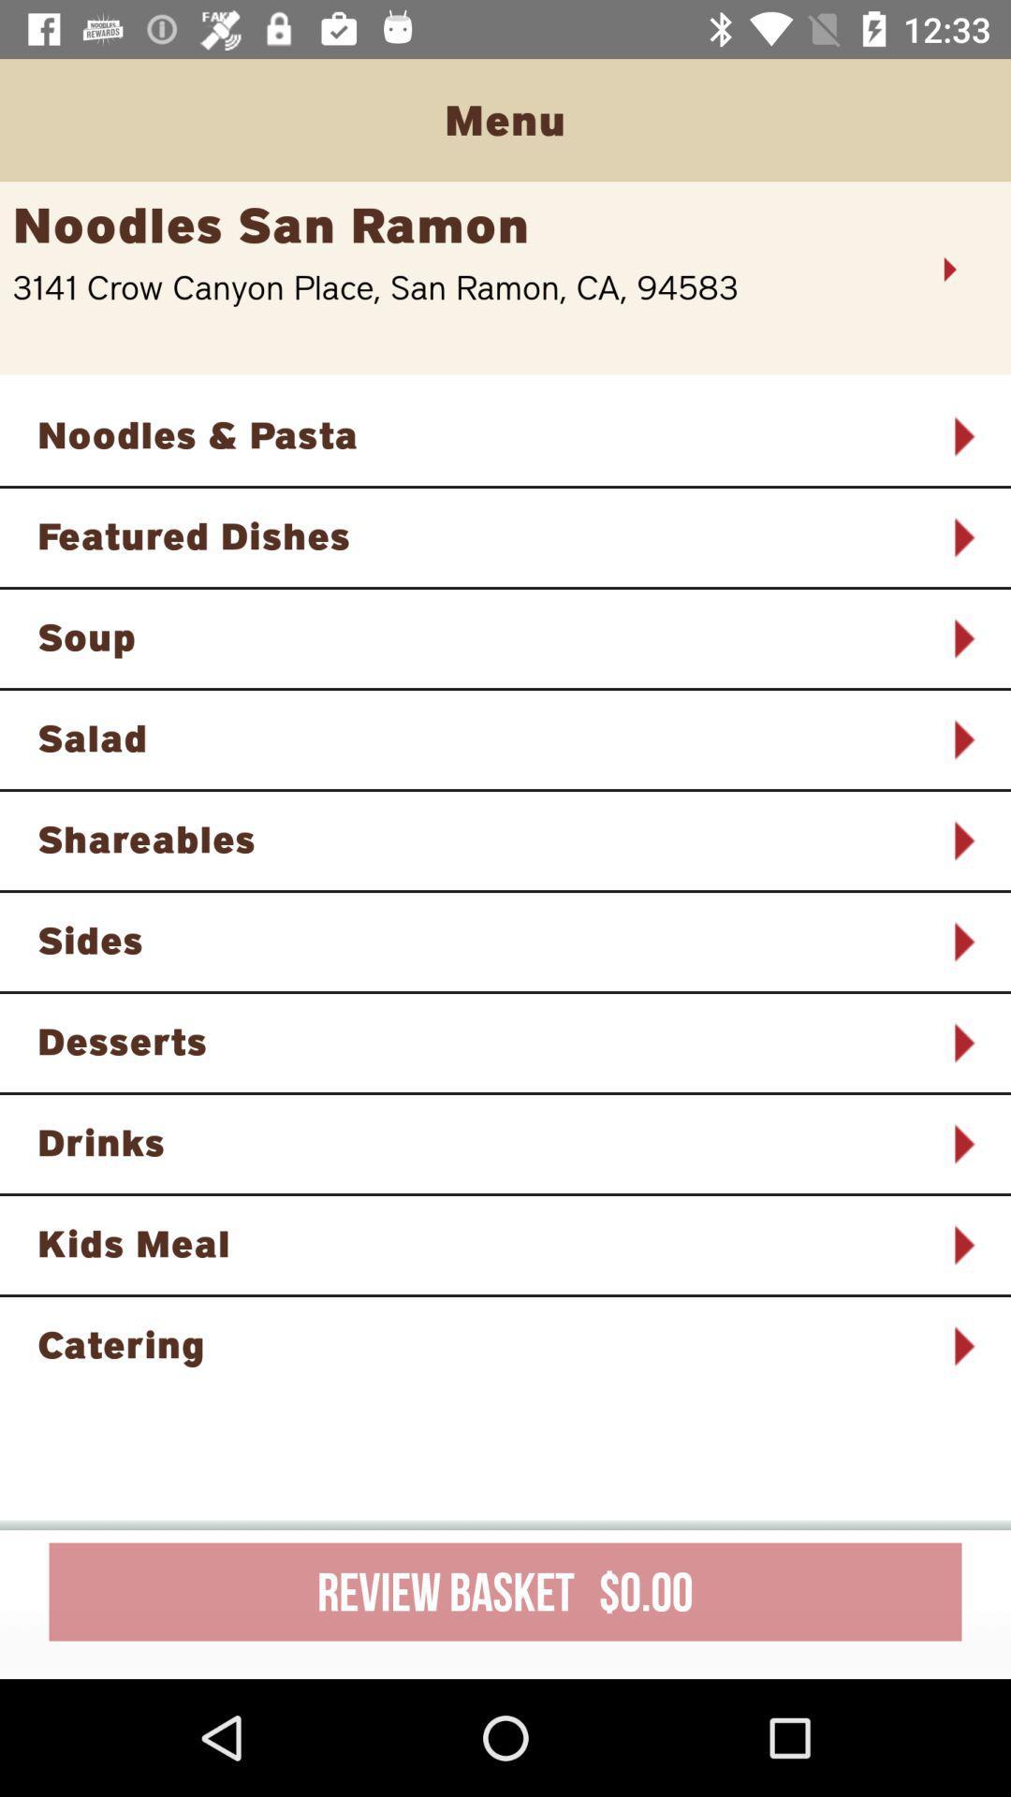 This screenshot has height=1797, width=1011. What do you see at coordinates (480, 636) in the screenshot?
I see `soup  item` at bounding box center [480, 636].